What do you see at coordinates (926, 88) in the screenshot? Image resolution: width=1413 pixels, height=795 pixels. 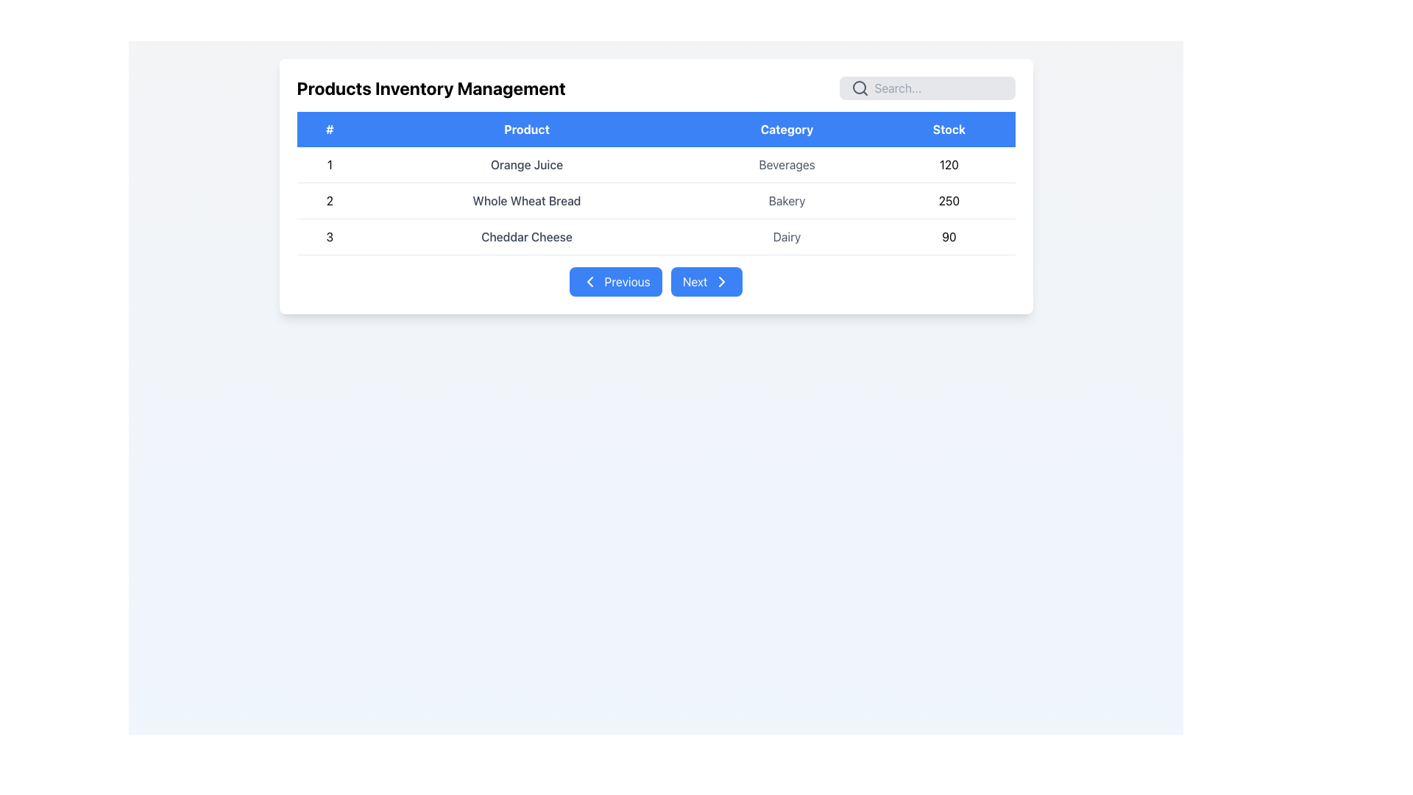 I see `the search bar located on the right side of the 'Products Inventory Management' title to focus the search box` at bounding box center [926, 88].